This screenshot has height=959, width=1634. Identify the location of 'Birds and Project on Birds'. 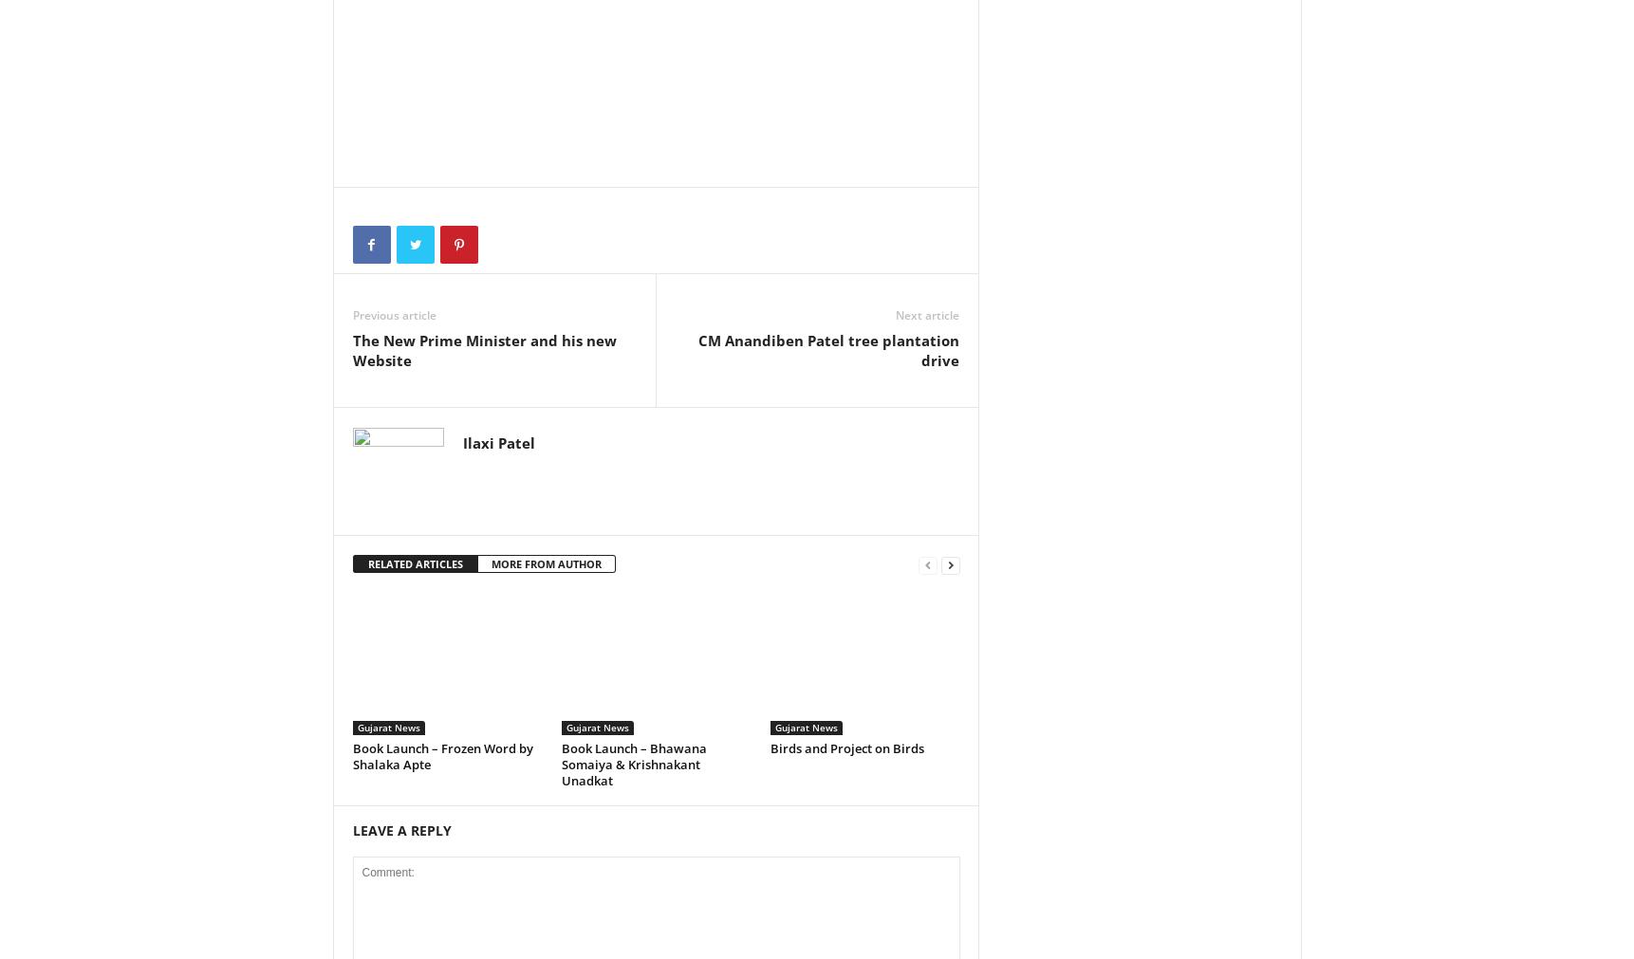
(845, 746).